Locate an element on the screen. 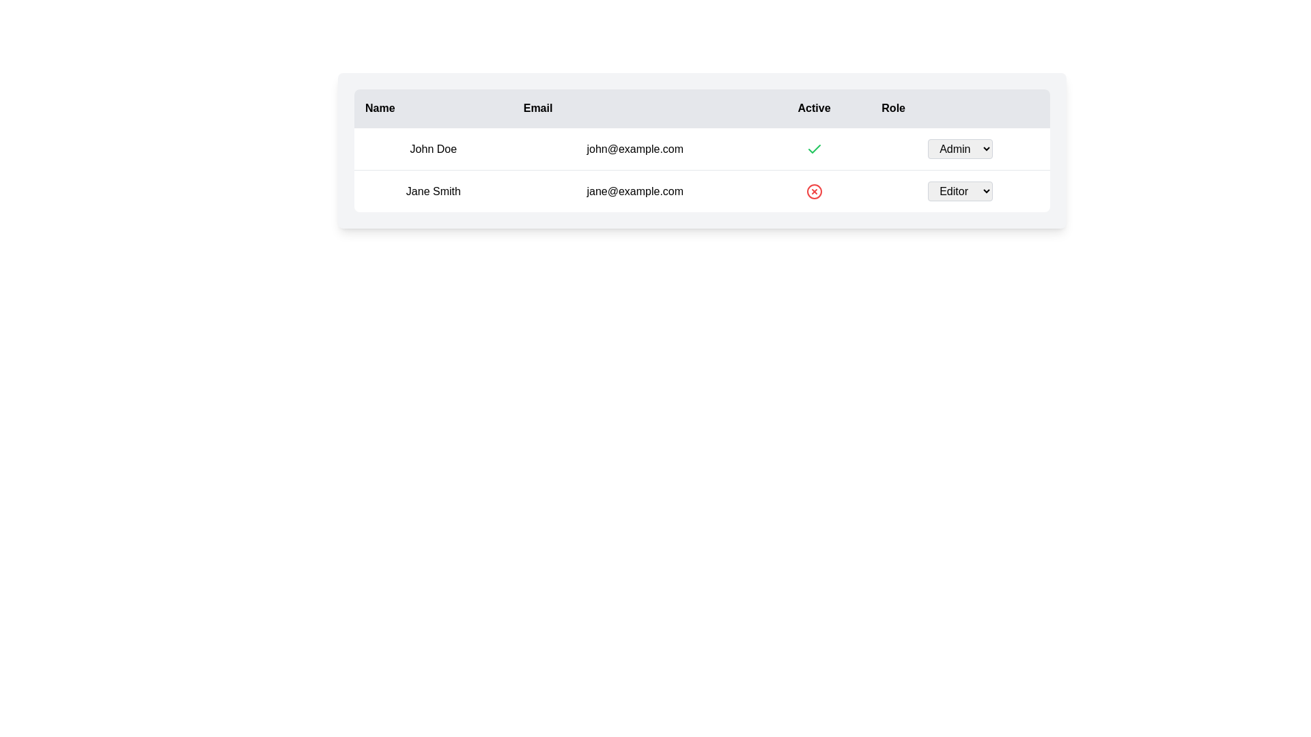 The width and height of the screenshot is (1311, 737). the active status icon in the Active column of the first row for user 'john@example.com'. This icon serves as a passive indicator and does not have interactive functionality is located at coordinates (814, 149).